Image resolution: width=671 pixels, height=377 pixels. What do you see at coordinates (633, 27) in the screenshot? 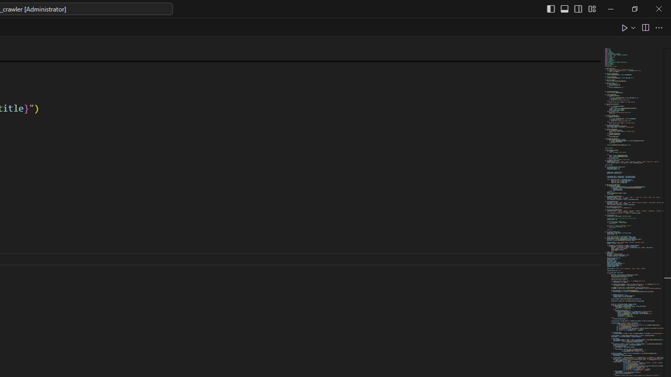
I see `'Run or Debug...'` at bounding box center [633, 27].